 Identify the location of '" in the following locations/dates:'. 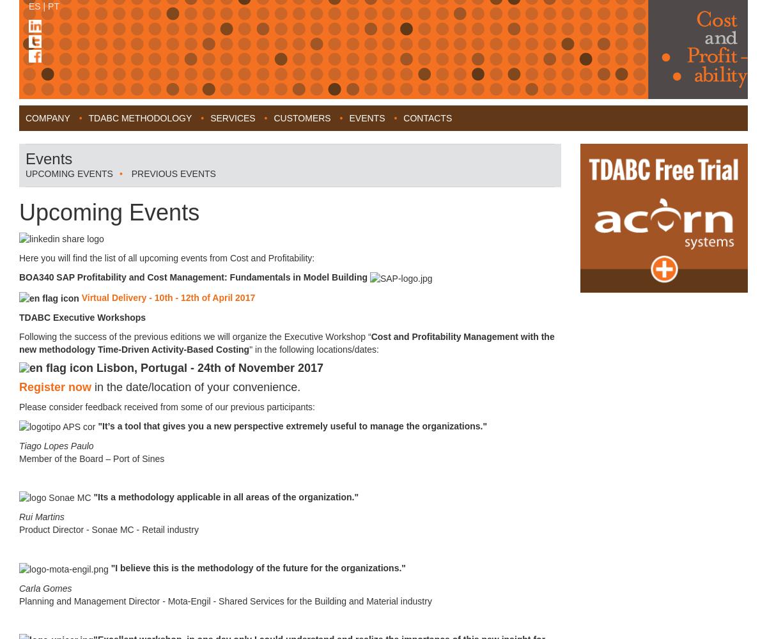
(313, 349).